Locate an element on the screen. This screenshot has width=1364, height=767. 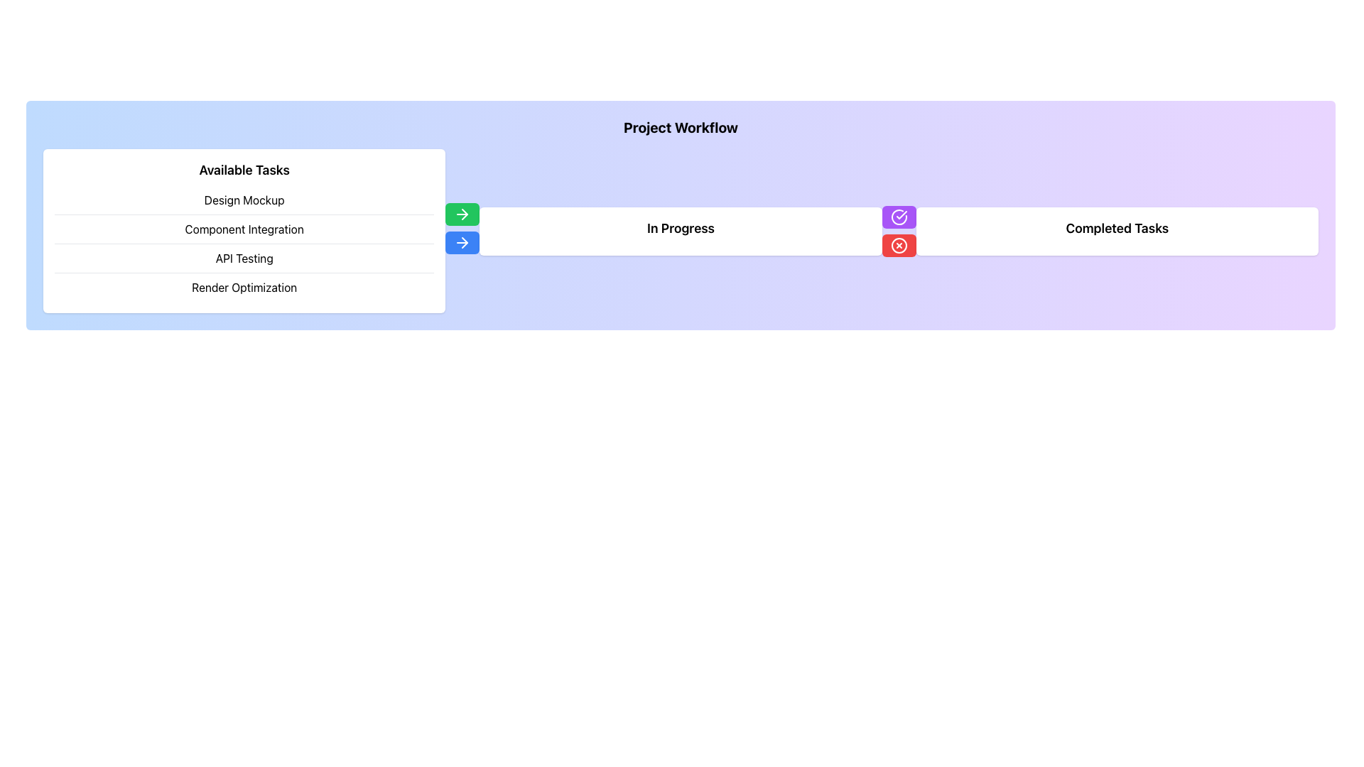
the non-interactive label representing the task named 'Render Optimization', which is the fourth item in the list of available tasks is located at coordinates (244, 288).